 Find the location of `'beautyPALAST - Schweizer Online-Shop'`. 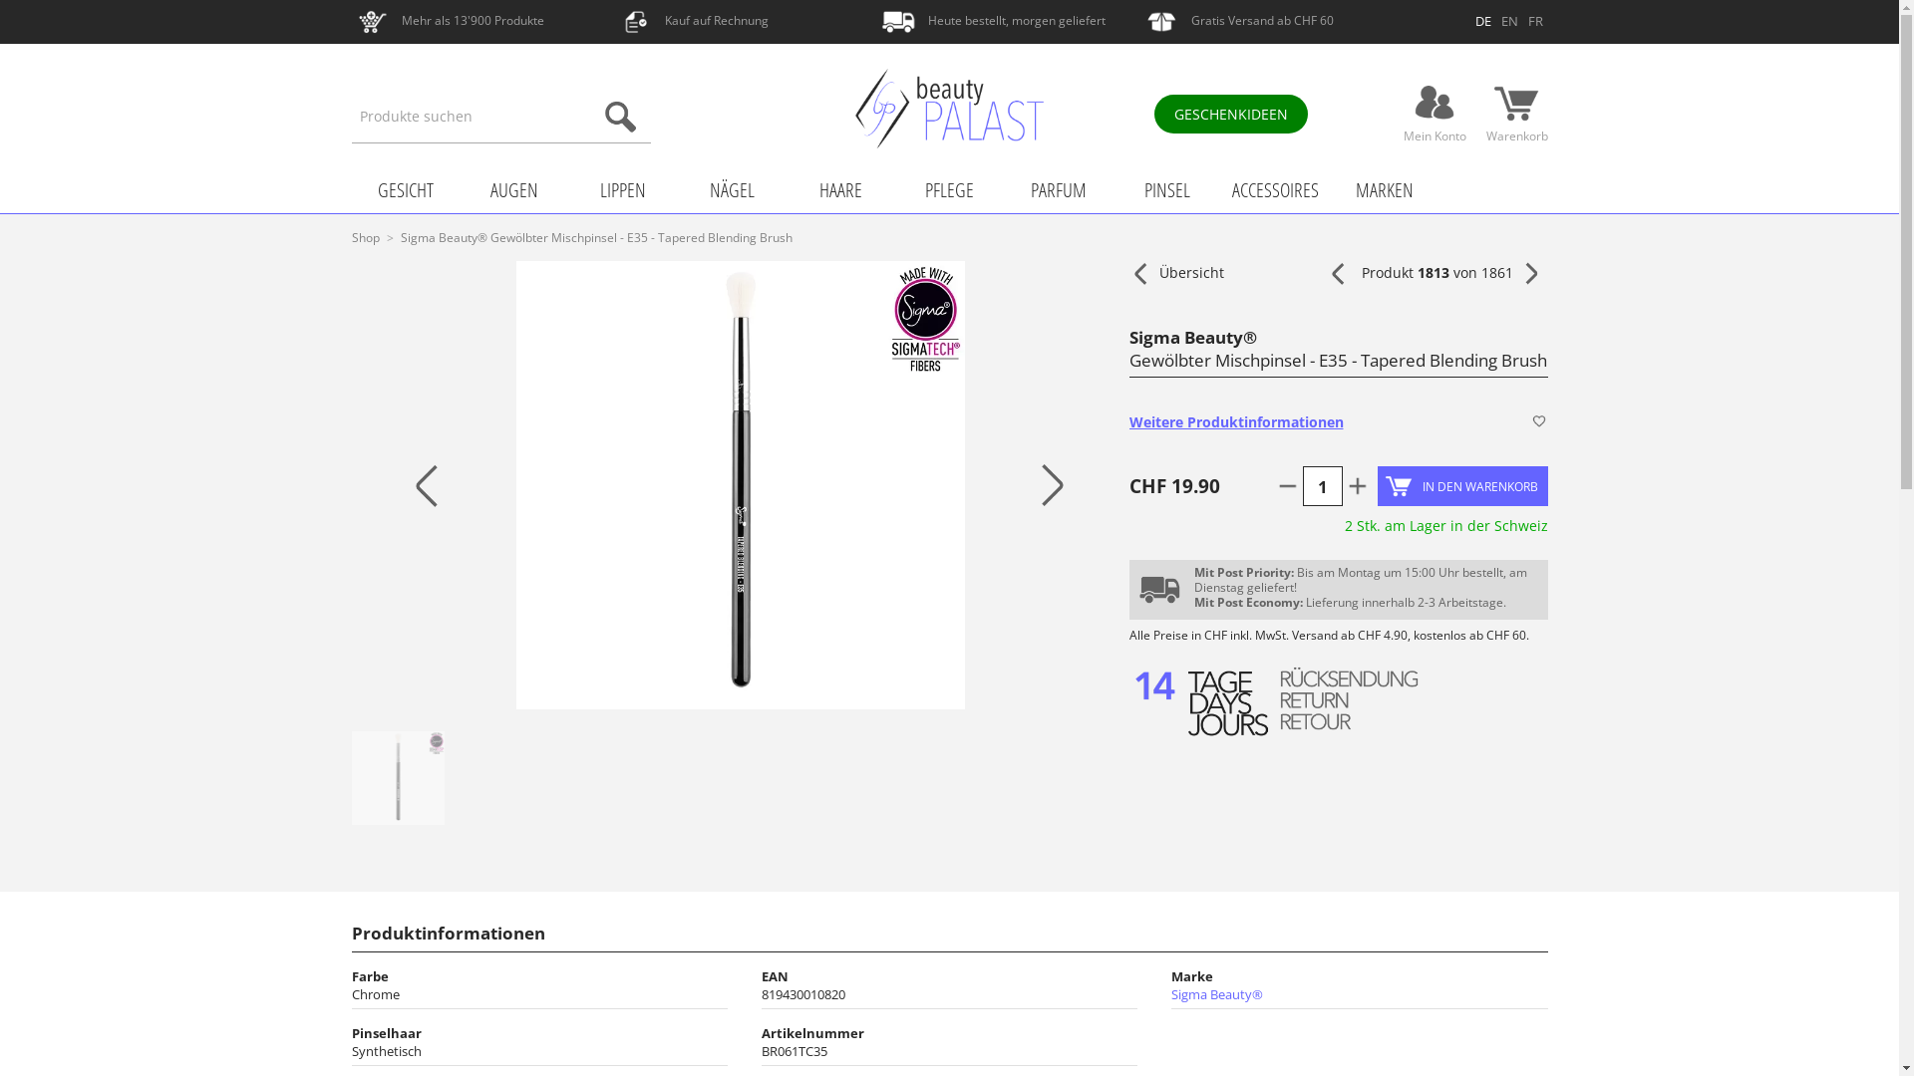

'beautyPALAST - Schweizer Online-Shop' is located at coordinates (948, 108).